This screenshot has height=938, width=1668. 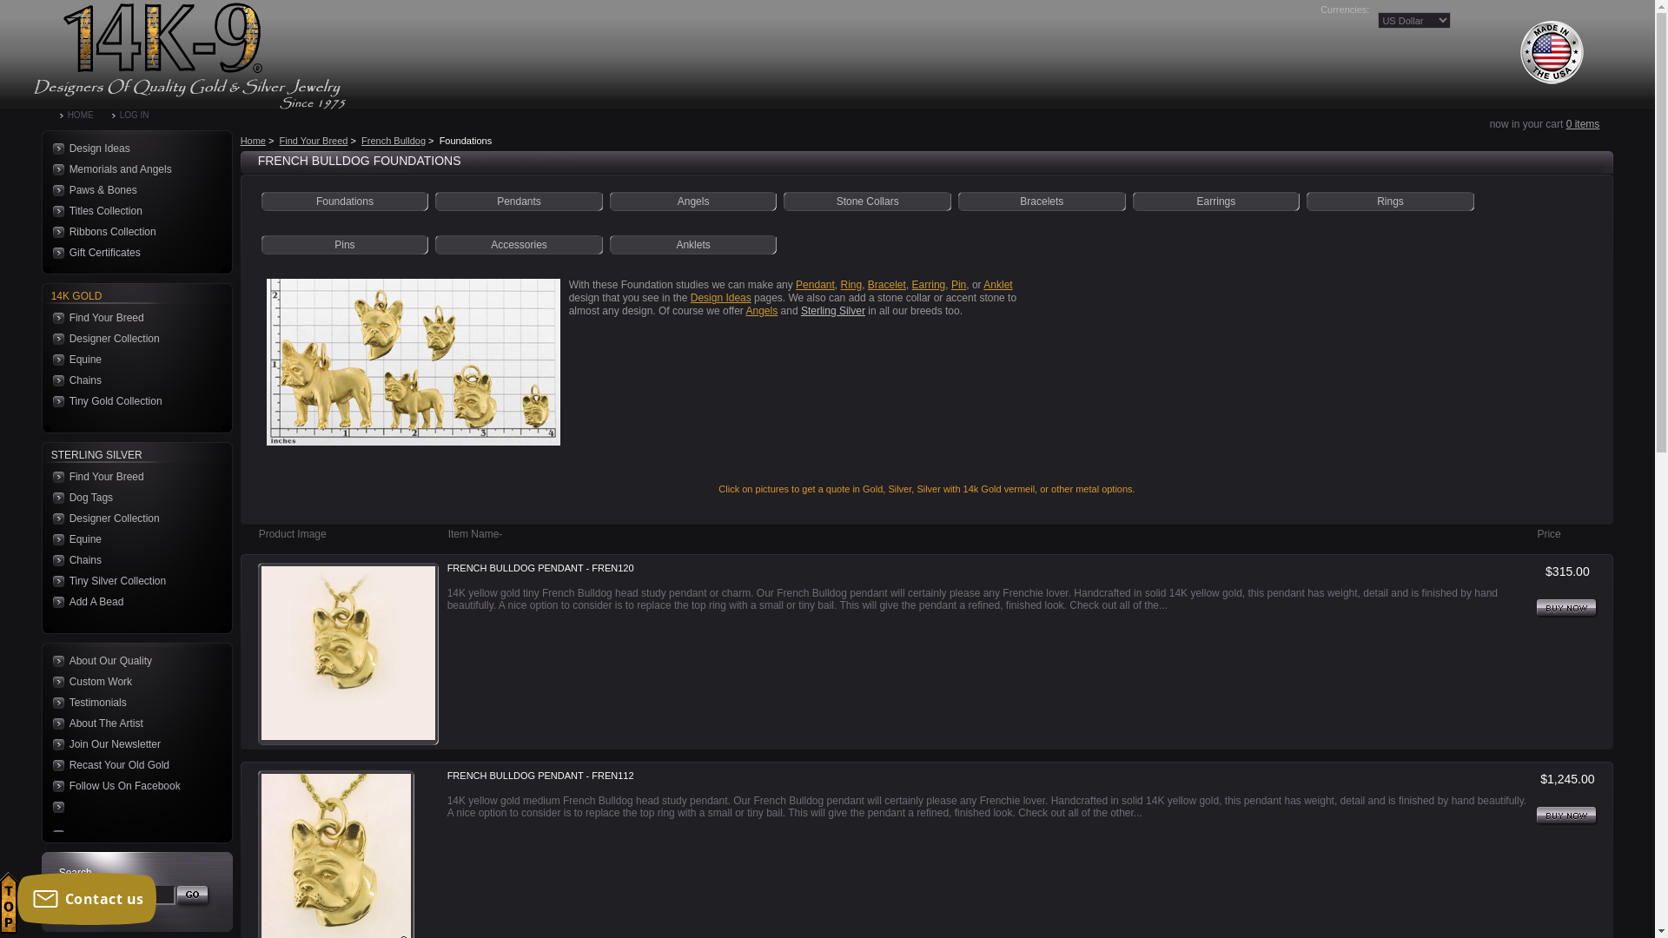 I want to click on 'HOME', so click(x=85, y=115).